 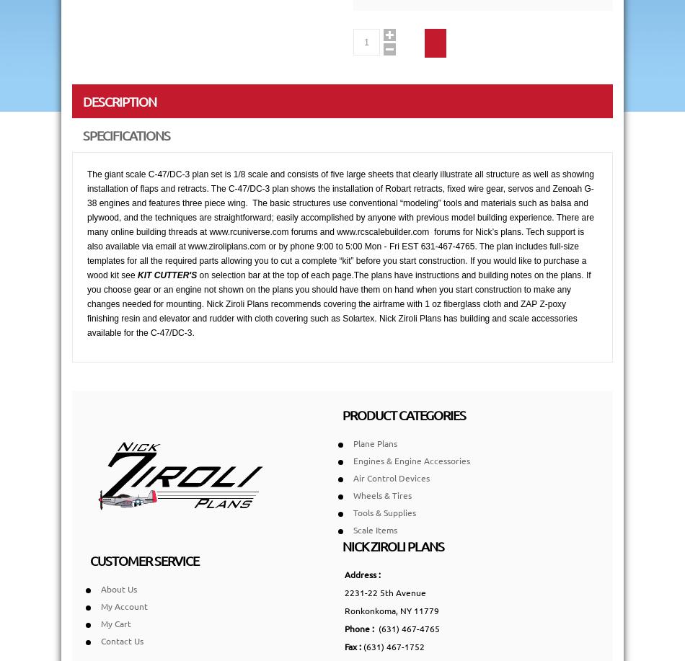 I want to click on 'The giant scale C-47/DC-3 plan set is 1/8 scale and consists of five large sheets that clearly illustrate all structure as well as showing installation of flaps and retracts. The C-47/DC-3 plan shows the installation of Robart retracts, fixed wire gear, servos and Zenoah G-38 engines and features three piece wing.  The basic structures use conventional “modeling” tools and materials such as balsa and plywood, and the techniques are straightforward; easily accomplished by anyone with previous model building experience. There are many online building threads at www.rcuniverse.com forums and www.rcscalebuilder.com  forums for Nick’s plans. Tech support is also available via email at www.ziroliplans.com or by phone 9:00 to 5:00 Mon - Fri EST 631-467-4765. The plan includes full-size templates for all the required parts allowing you to cut a complete “kit” before you start construction. If you would like to purchase a wood kit see', so click(x=340, y=224).